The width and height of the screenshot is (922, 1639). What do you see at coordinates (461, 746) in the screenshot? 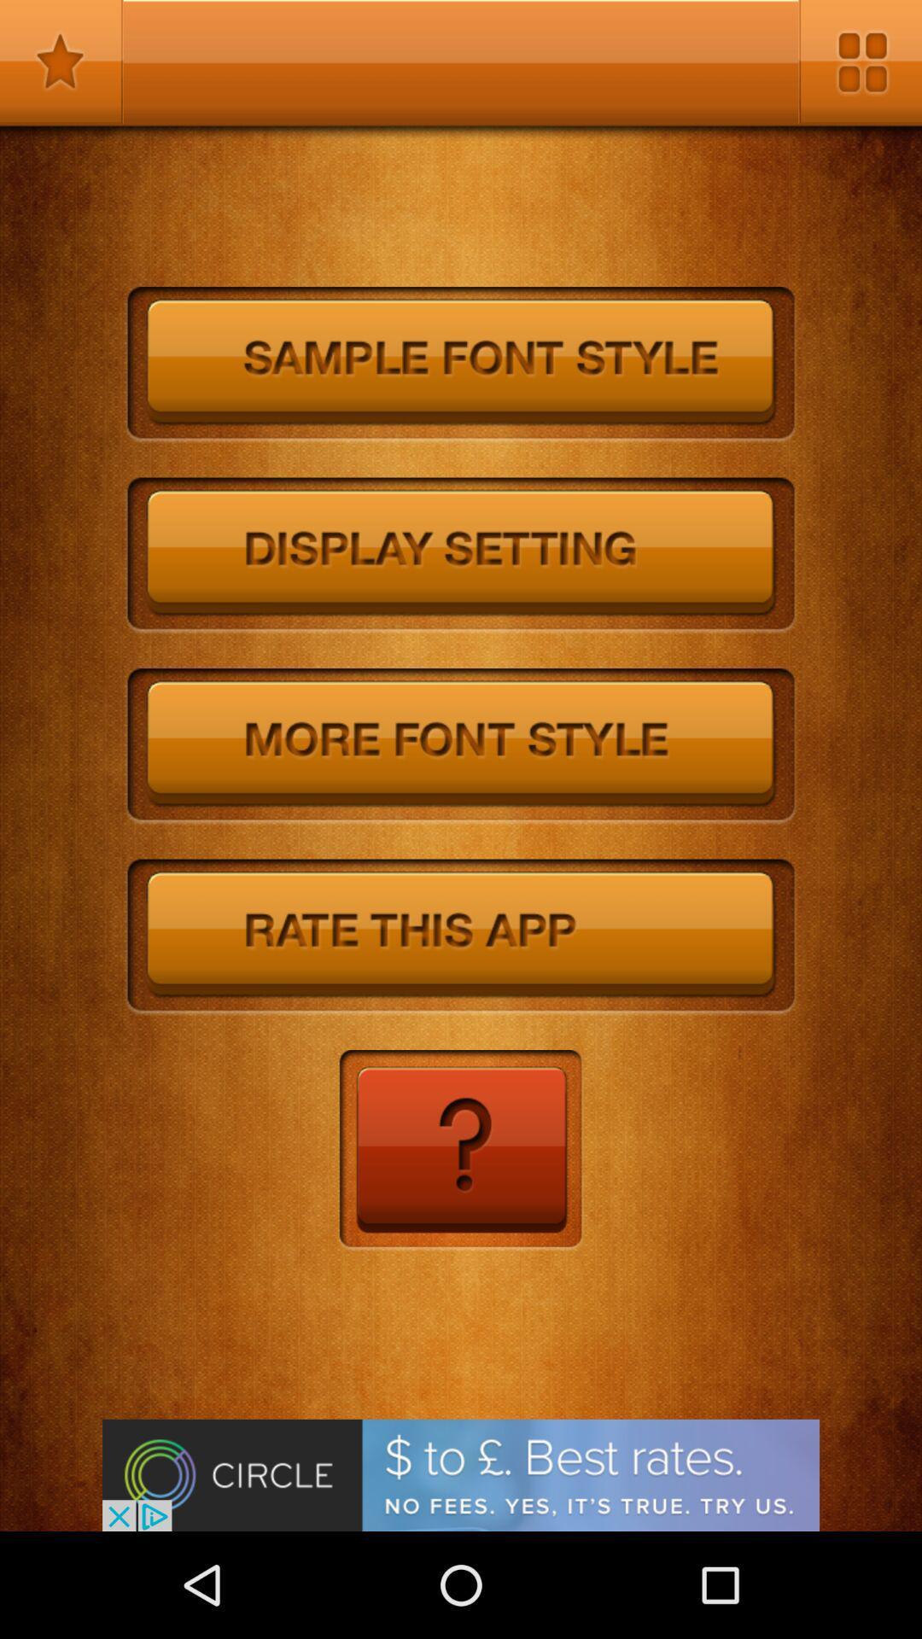
I see `font styles` at bounding box center [461, 746].